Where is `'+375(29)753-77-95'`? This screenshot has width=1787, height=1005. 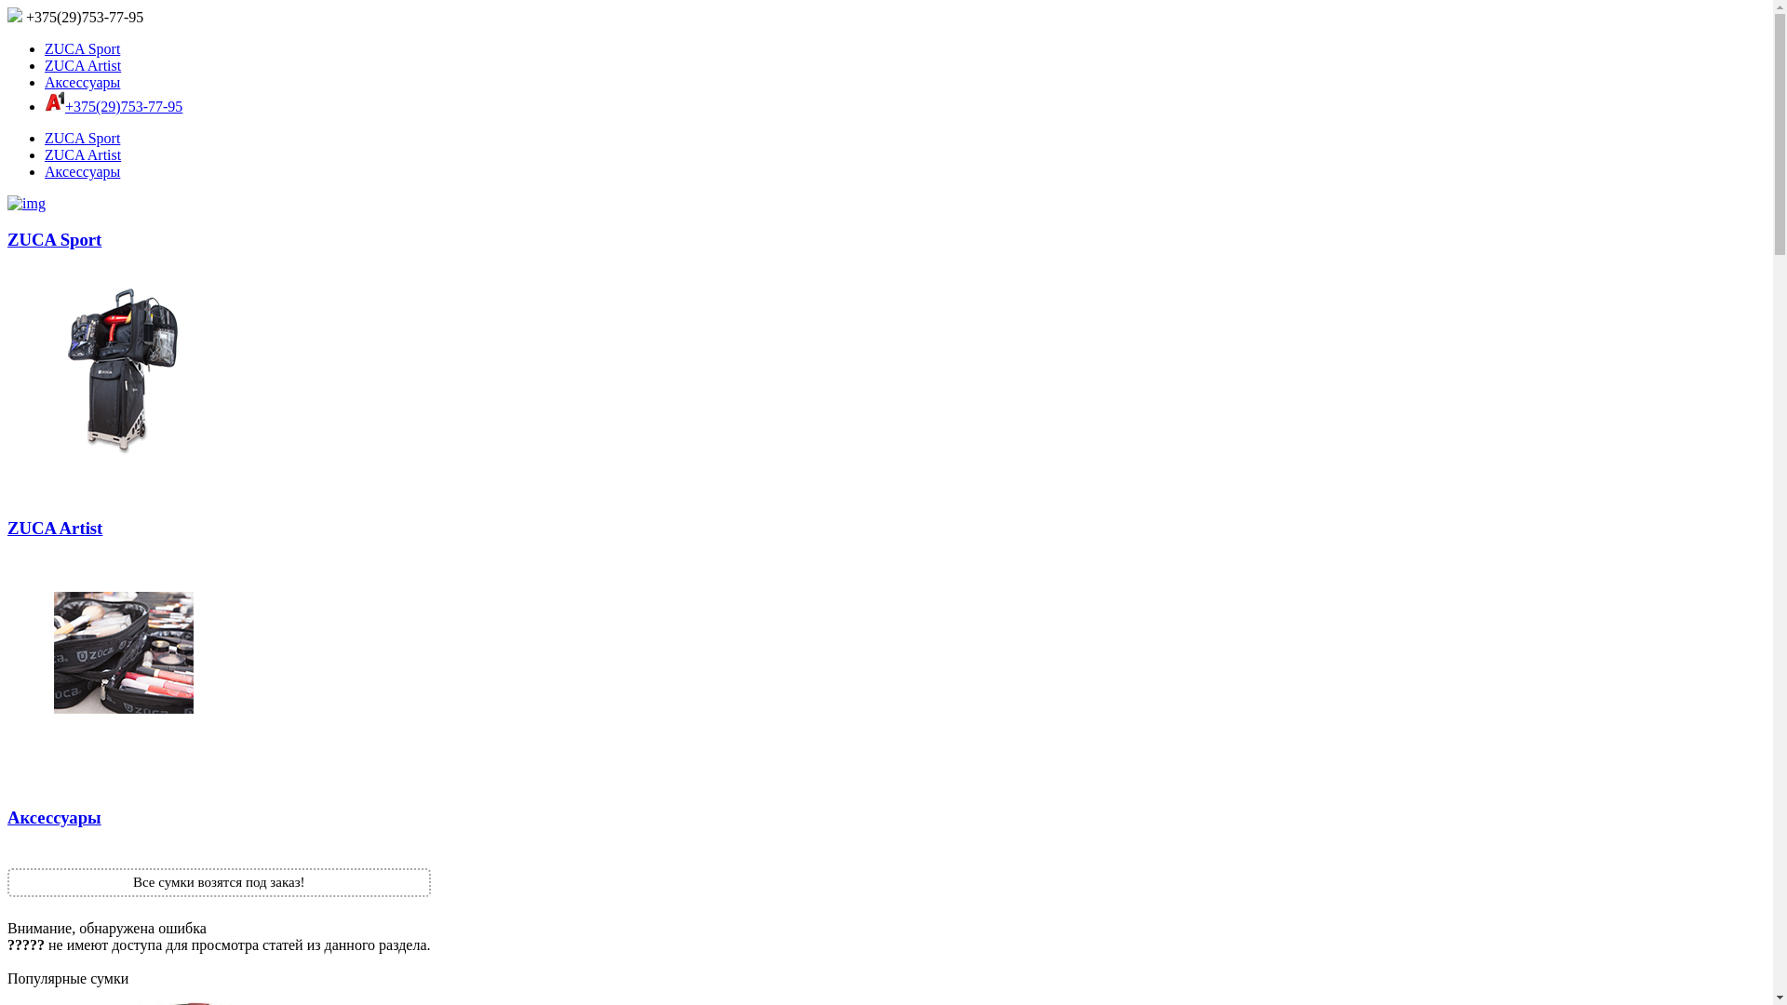 '+375(29)753-77-95' is located at coordinates (123, 106).